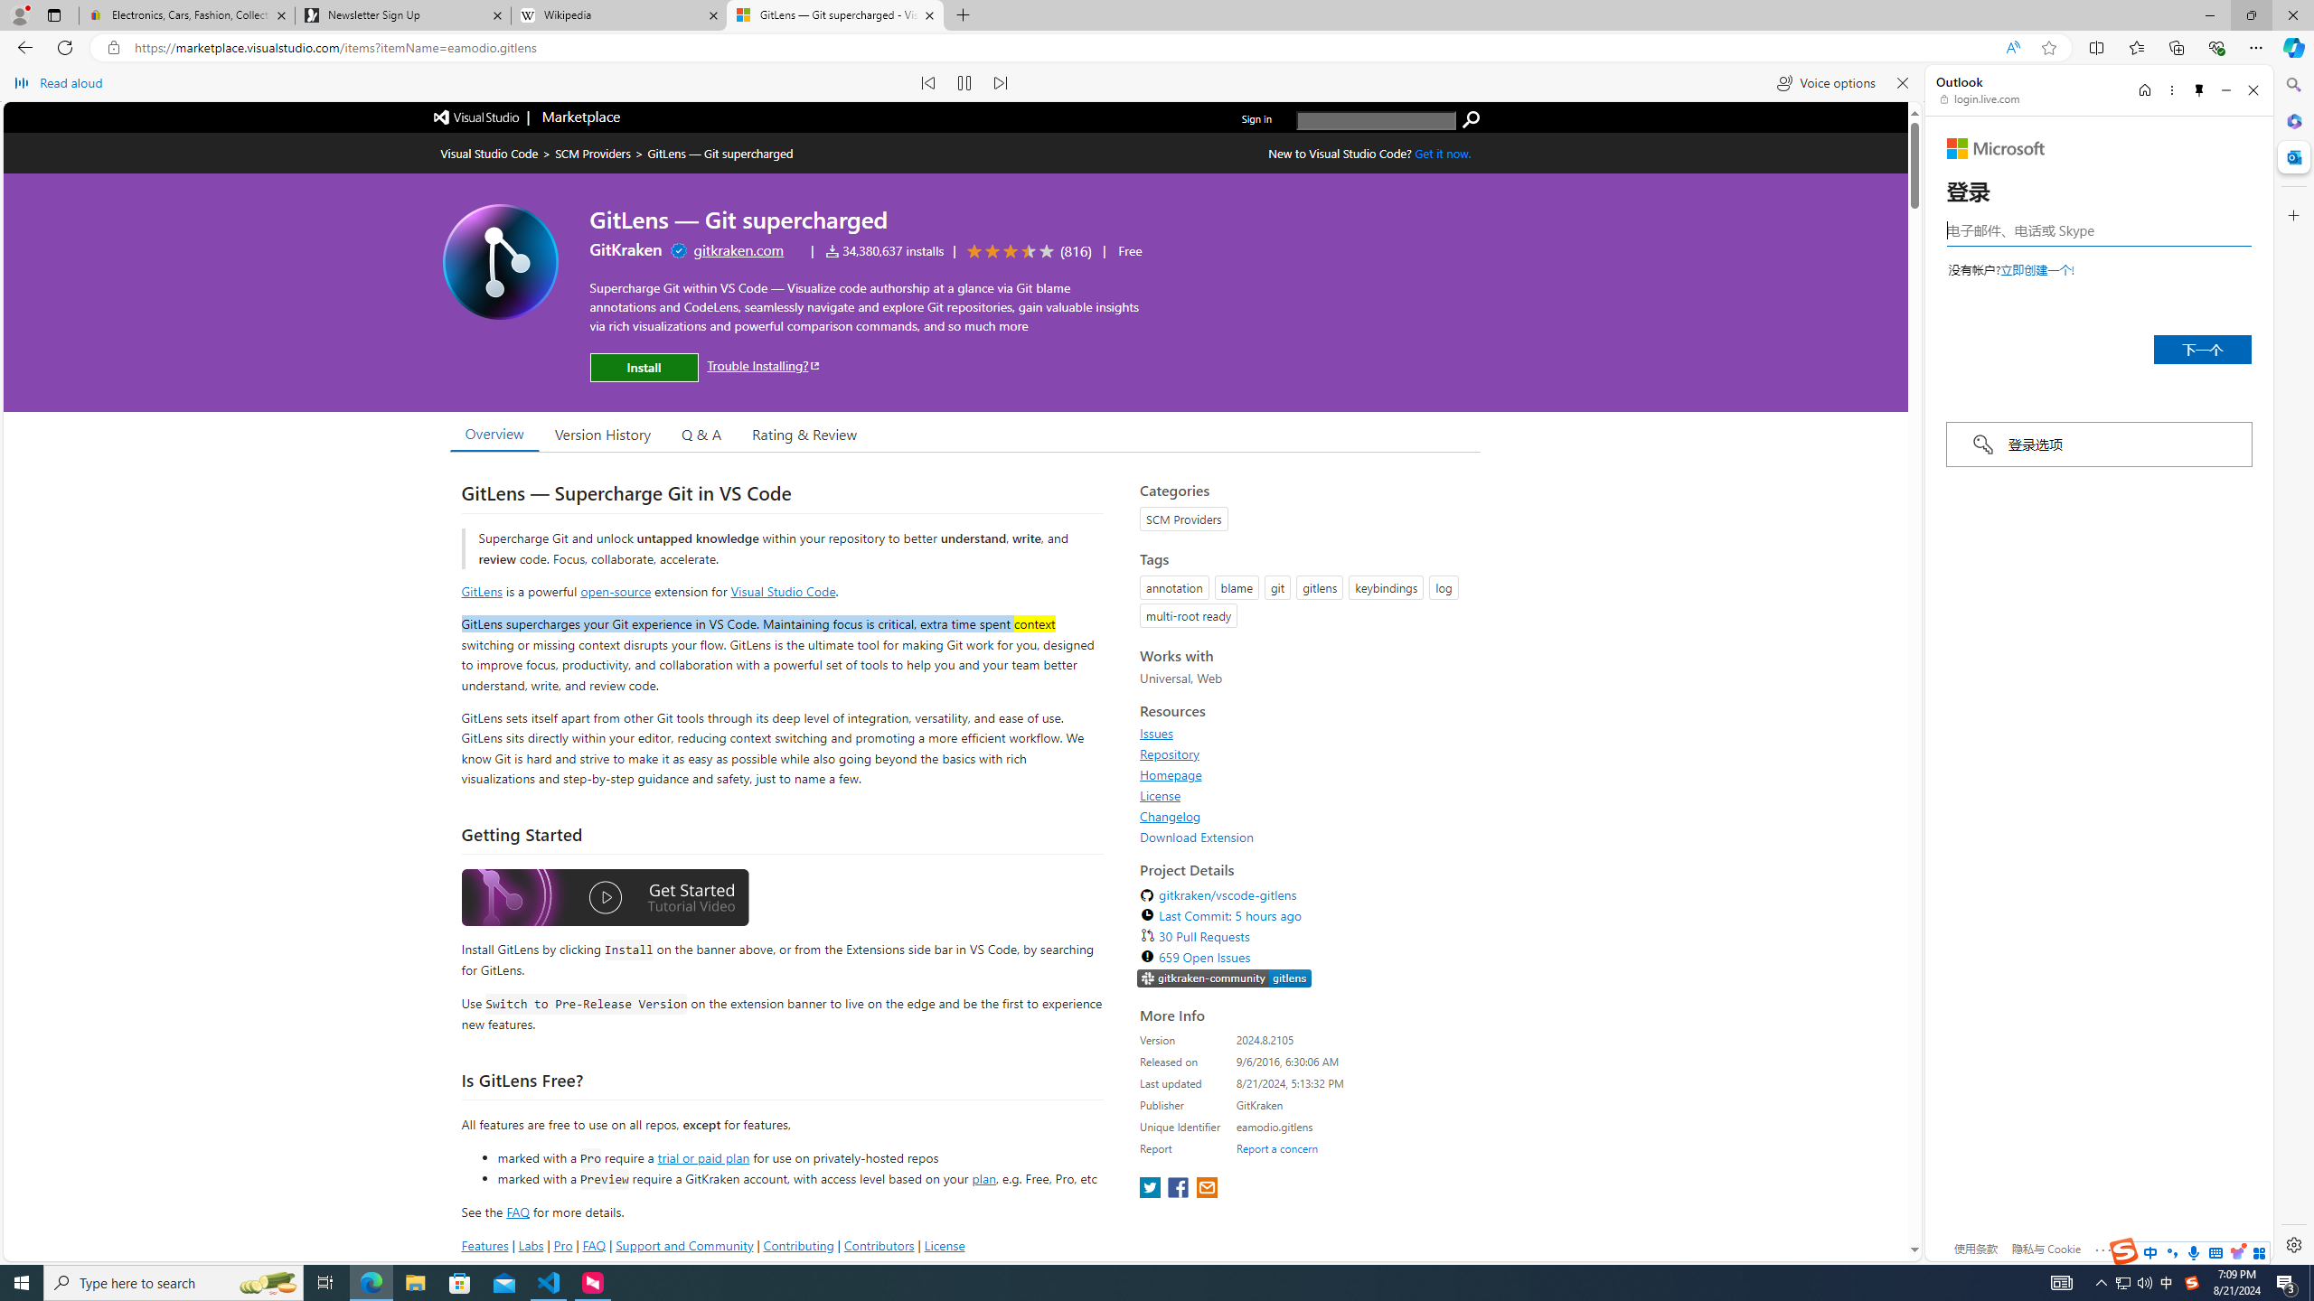 The height and width of the screenshot is (1301, 2314). I want to click on 'Visual Studio logo', so click(476, 115).